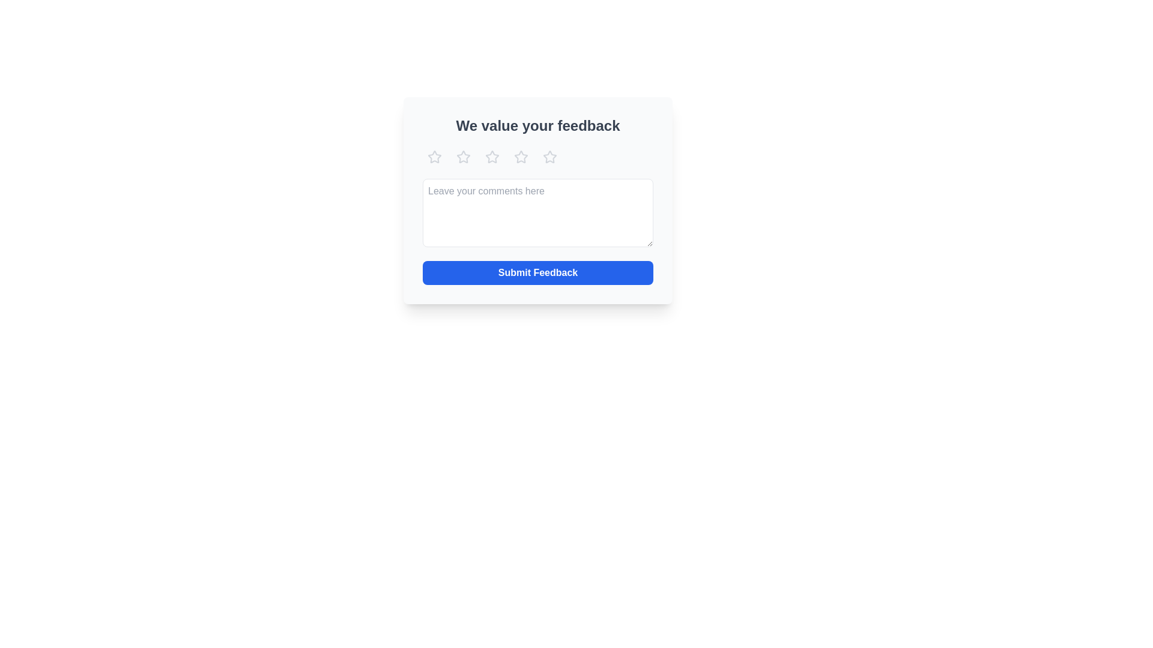  Describe the element at coordinates (463, 157) in the screenshot. I see `the second star in the horizontal row of five stars to rate with a 2-star rating in the feedback form titled 'We value your feedback.'` at that location.